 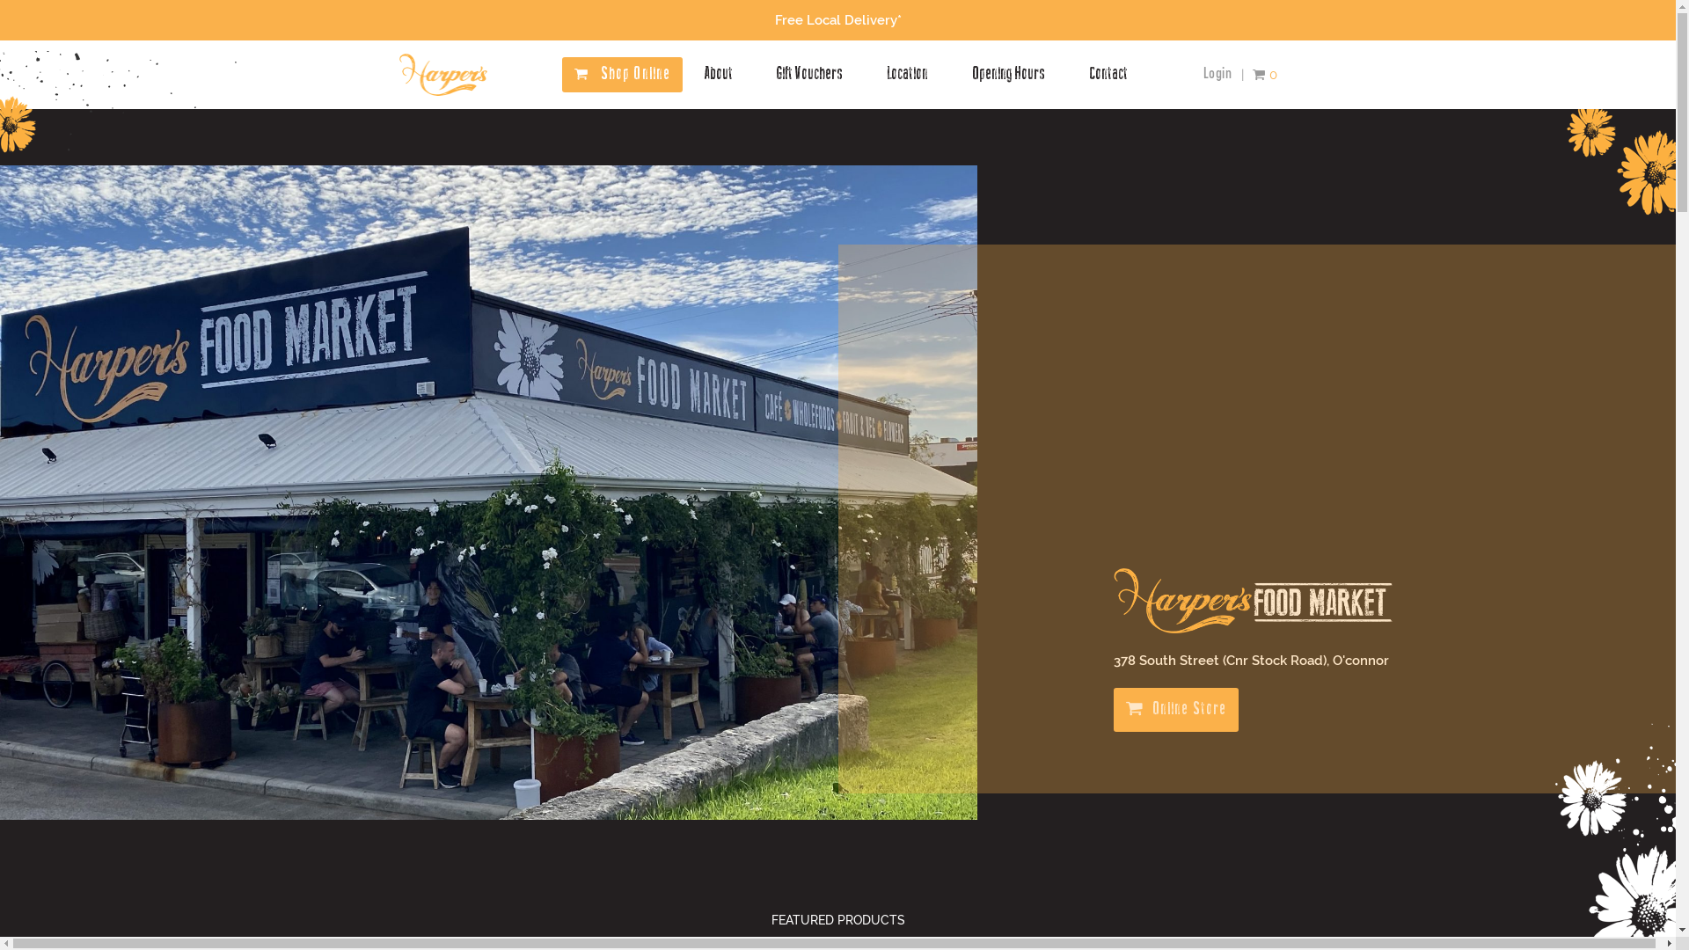 What do you see at coordinates (836, 20) in the screenshot?
I see `'Free Local Delivery*'` at bounding box center [836, 20].